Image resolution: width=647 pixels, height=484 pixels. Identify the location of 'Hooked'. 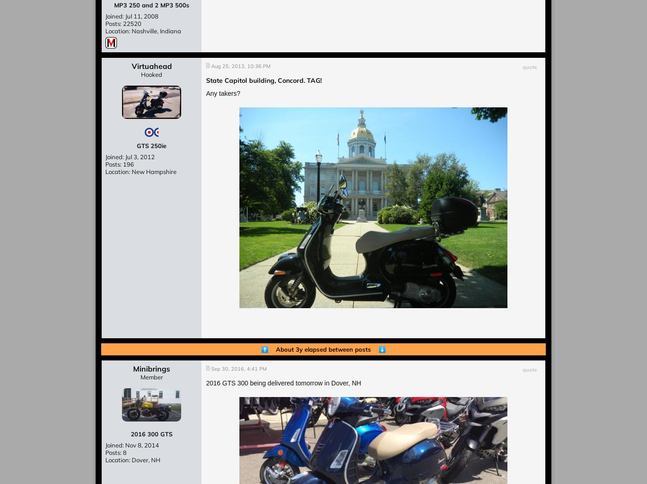
(152, 74).